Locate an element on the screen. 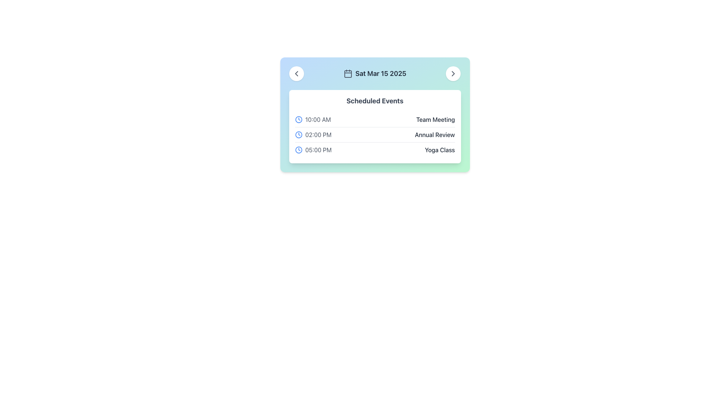  the SVG Circle element that visually represents the time indicator in the clock icon next to '5:00 PM' in the 'Scheduled Events' section is located at coordinates (298, 150).